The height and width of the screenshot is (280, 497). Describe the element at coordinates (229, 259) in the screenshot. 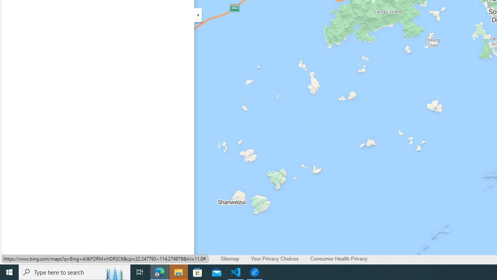

I see `'Sitemap'` at that location.